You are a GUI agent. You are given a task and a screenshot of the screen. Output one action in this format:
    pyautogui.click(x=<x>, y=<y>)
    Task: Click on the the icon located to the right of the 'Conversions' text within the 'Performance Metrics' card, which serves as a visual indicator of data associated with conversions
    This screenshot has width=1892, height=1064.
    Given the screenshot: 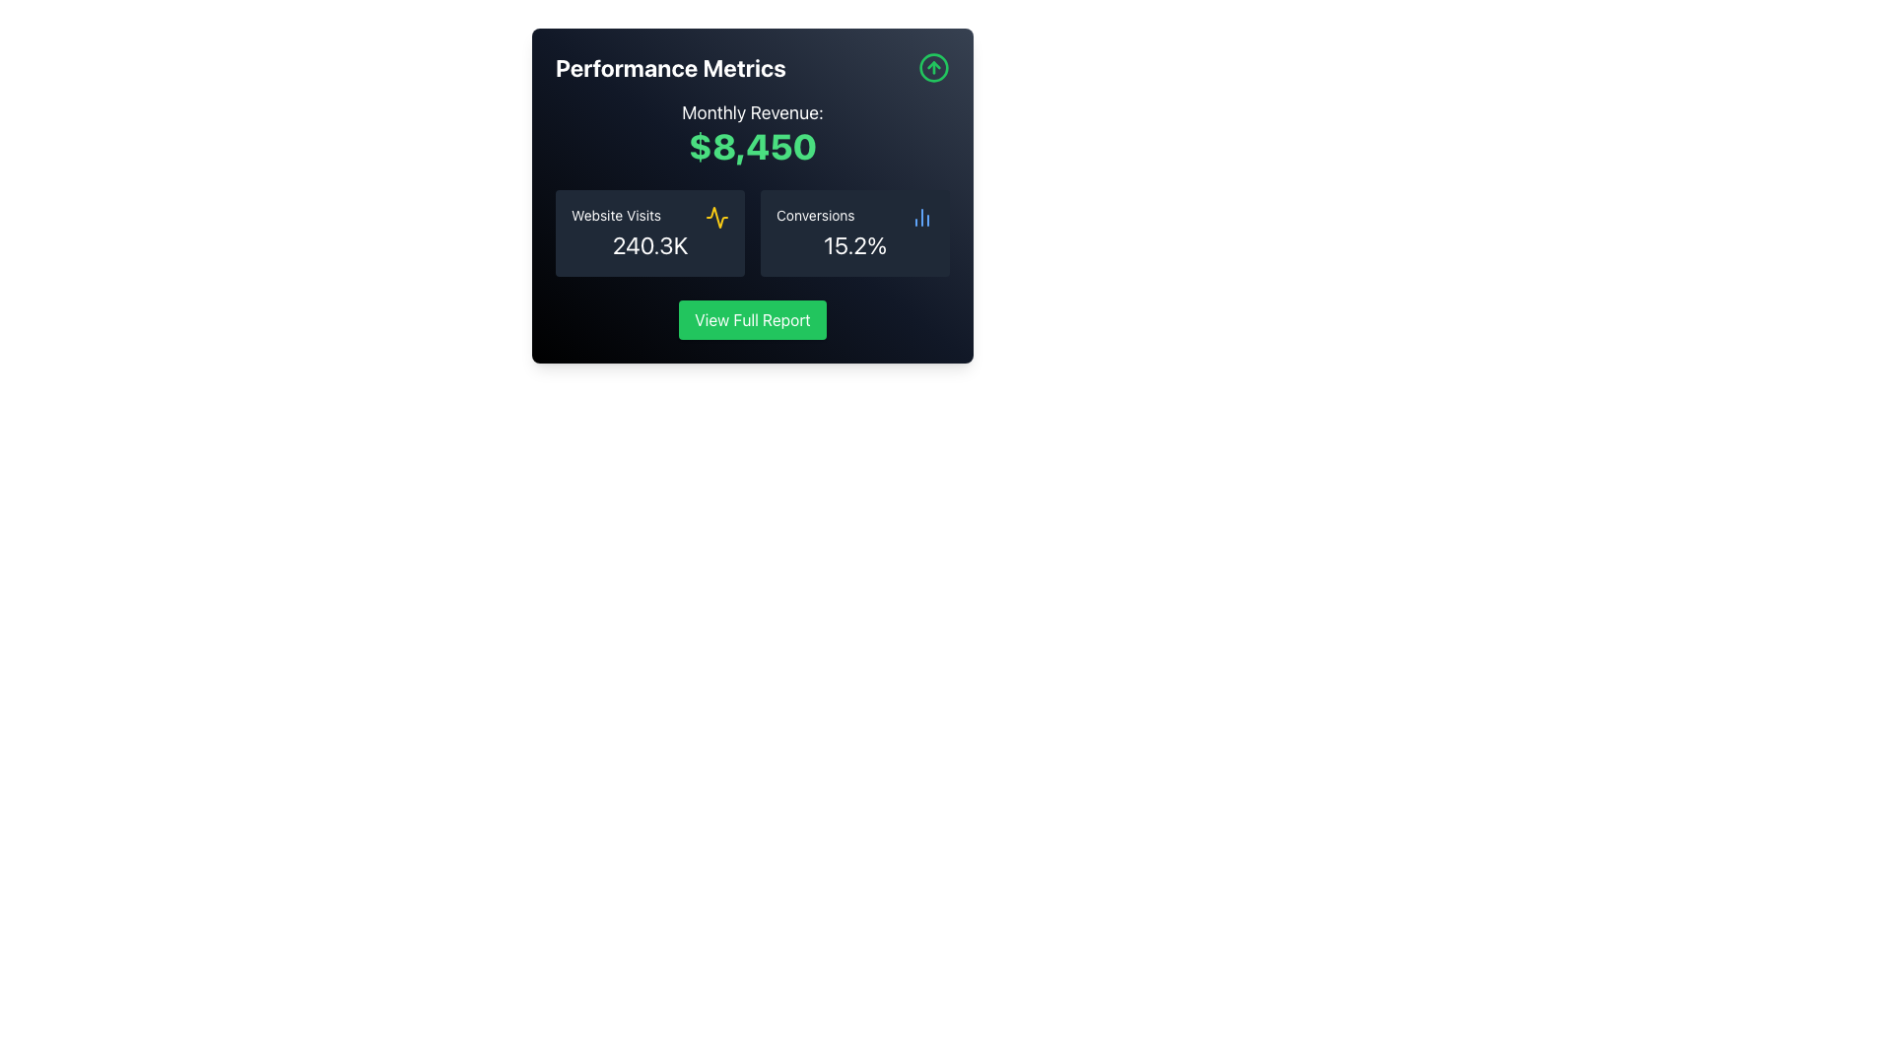 What is the action you would take?
    pyautogui.click(x=921, y=217)
    